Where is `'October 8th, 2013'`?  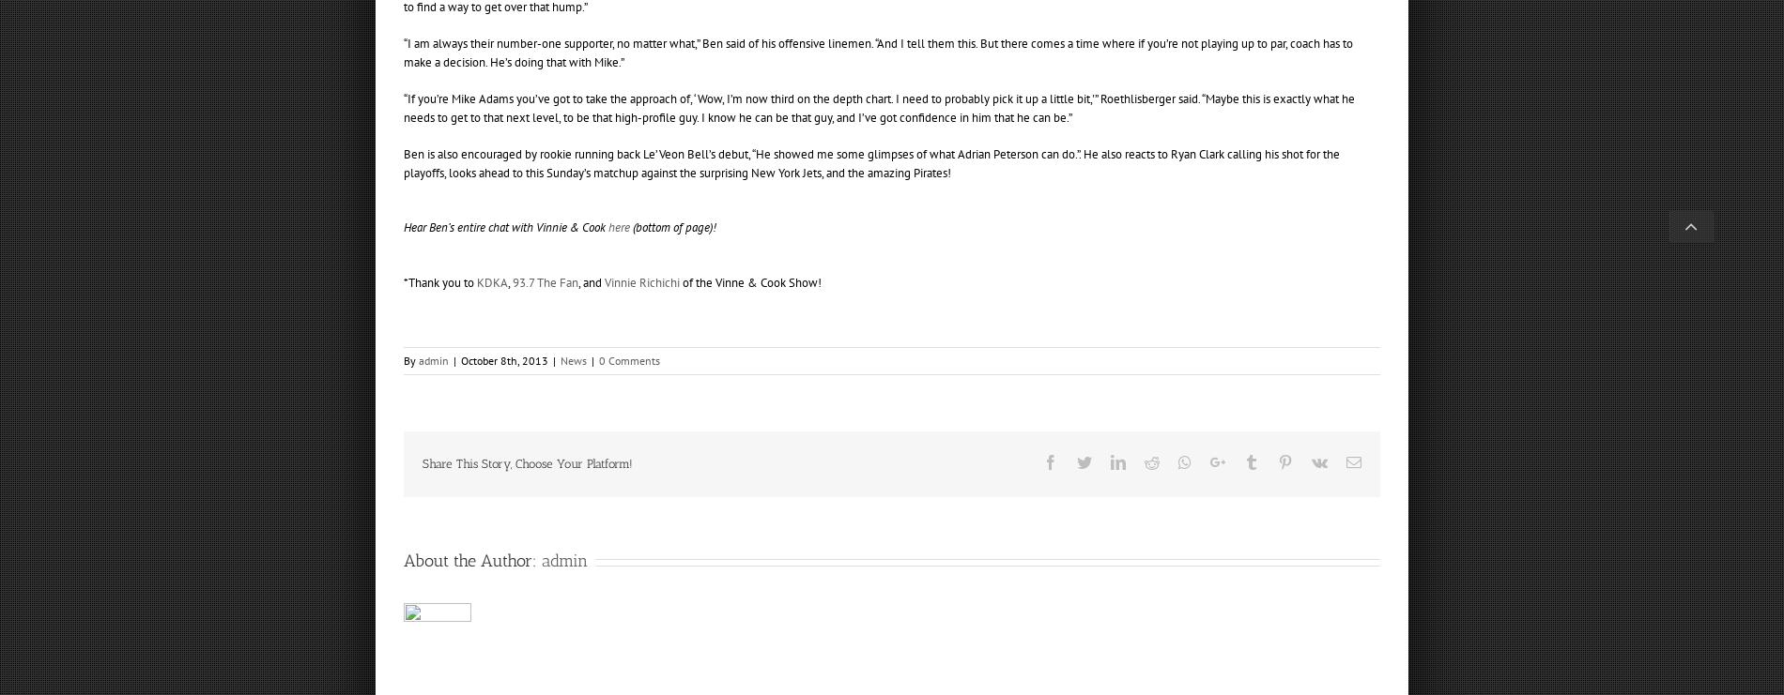
'October 8th, 2013' is located at coordinates (504, 360).